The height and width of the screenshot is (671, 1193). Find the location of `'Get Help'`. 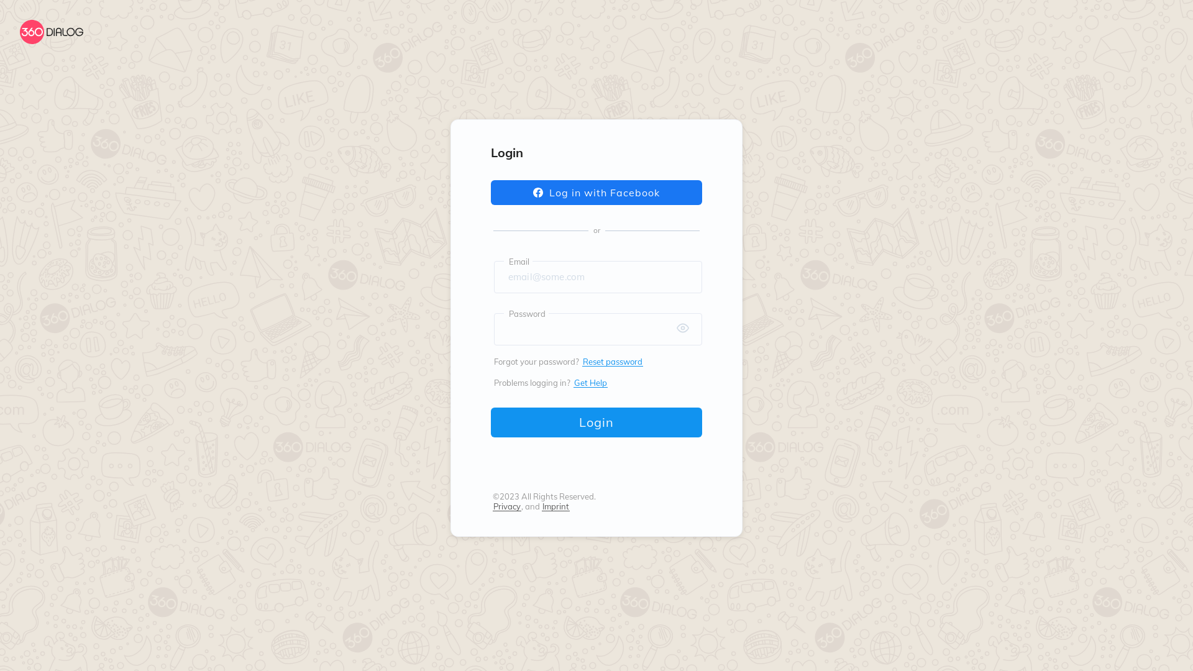

'Get Help' is located at coordinates (590, 382).